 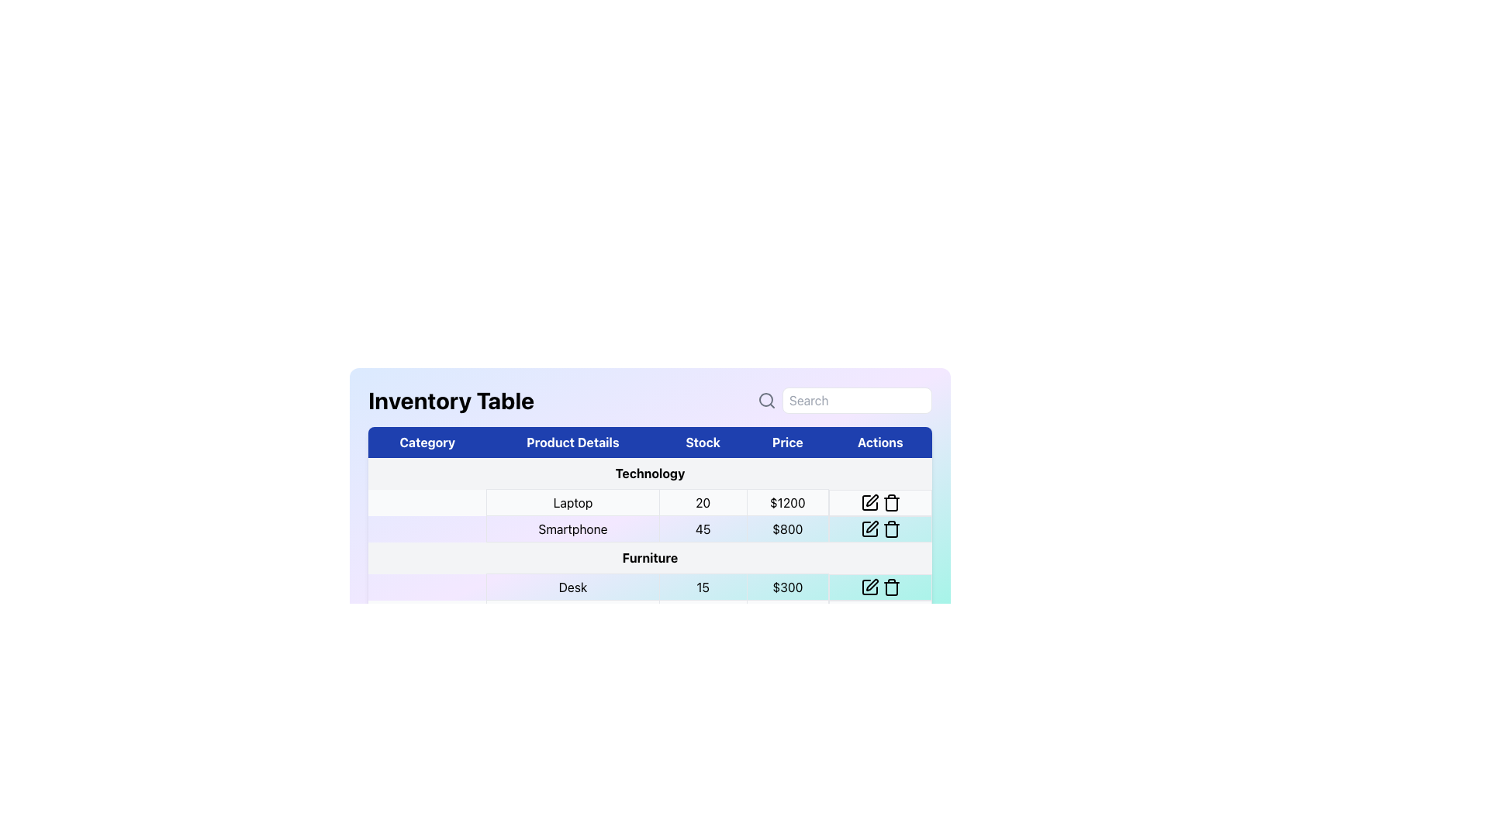 I want to click on the Table Section Header that groups and labels rows of data related to the 'Technology' category, located in the first row of the table's body section, so click(x=650, y=473).